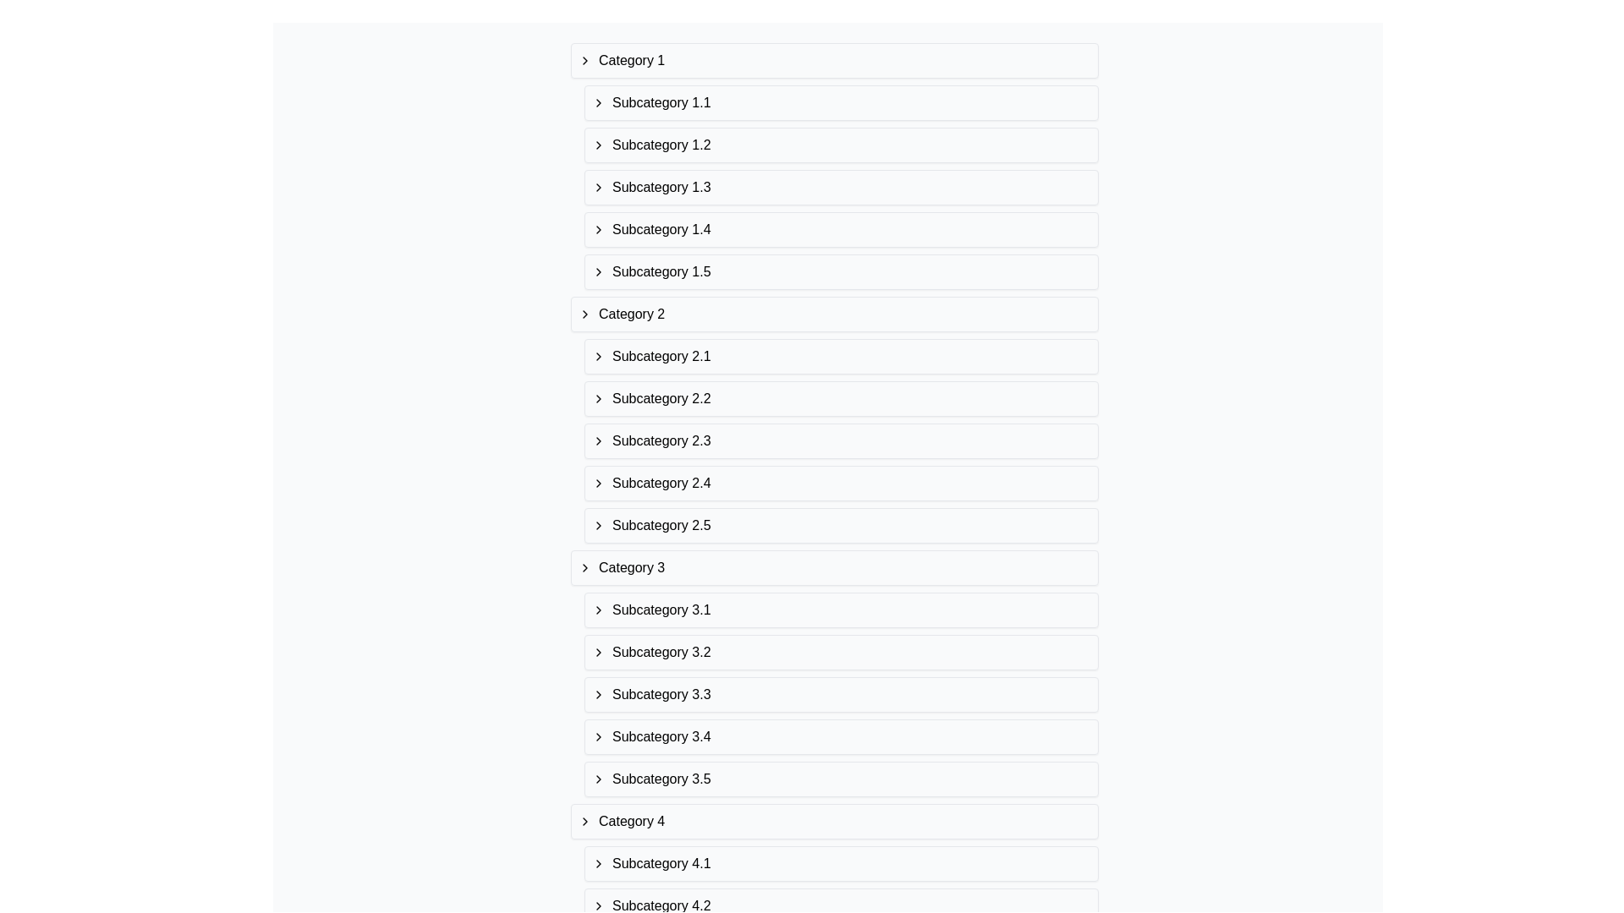 The height and width of the screenshot is (913, 1624). Describe the element at coordinates (599, 440) in the screenshot. I see `the right-pointing chevron icon next to the text 'Subcategory 2.3' through keyboard navigation` at that location.